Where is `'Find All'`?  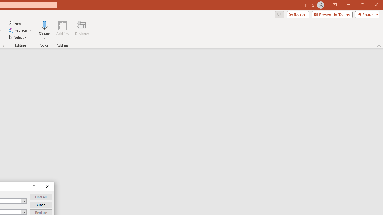
'Find All' is located at coordinates (40, 197).